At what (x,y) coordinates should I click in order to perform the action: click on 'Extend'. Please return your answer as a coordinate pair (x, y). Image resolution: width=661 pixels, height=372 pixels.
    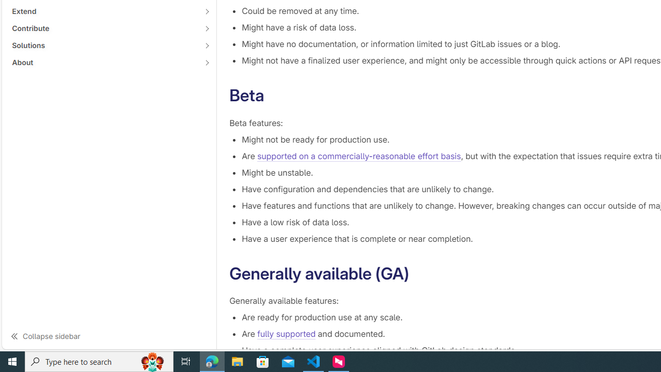
    Looking at the image, I should click on (103, 11).